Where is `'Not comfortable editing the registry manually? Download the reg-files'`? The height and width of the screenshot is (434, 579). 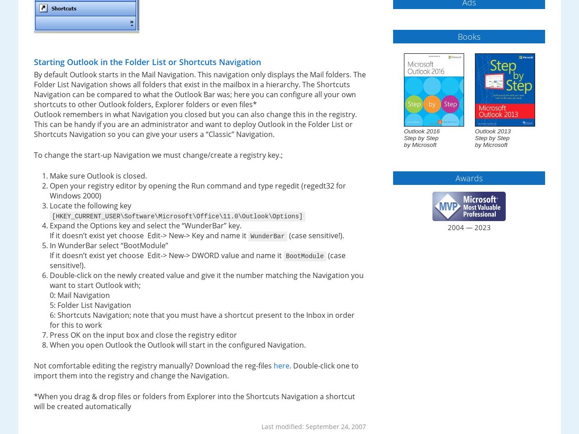
'Not comfortable editing the registry manually? Download the reg-files' is located at coordinates (34, 365).